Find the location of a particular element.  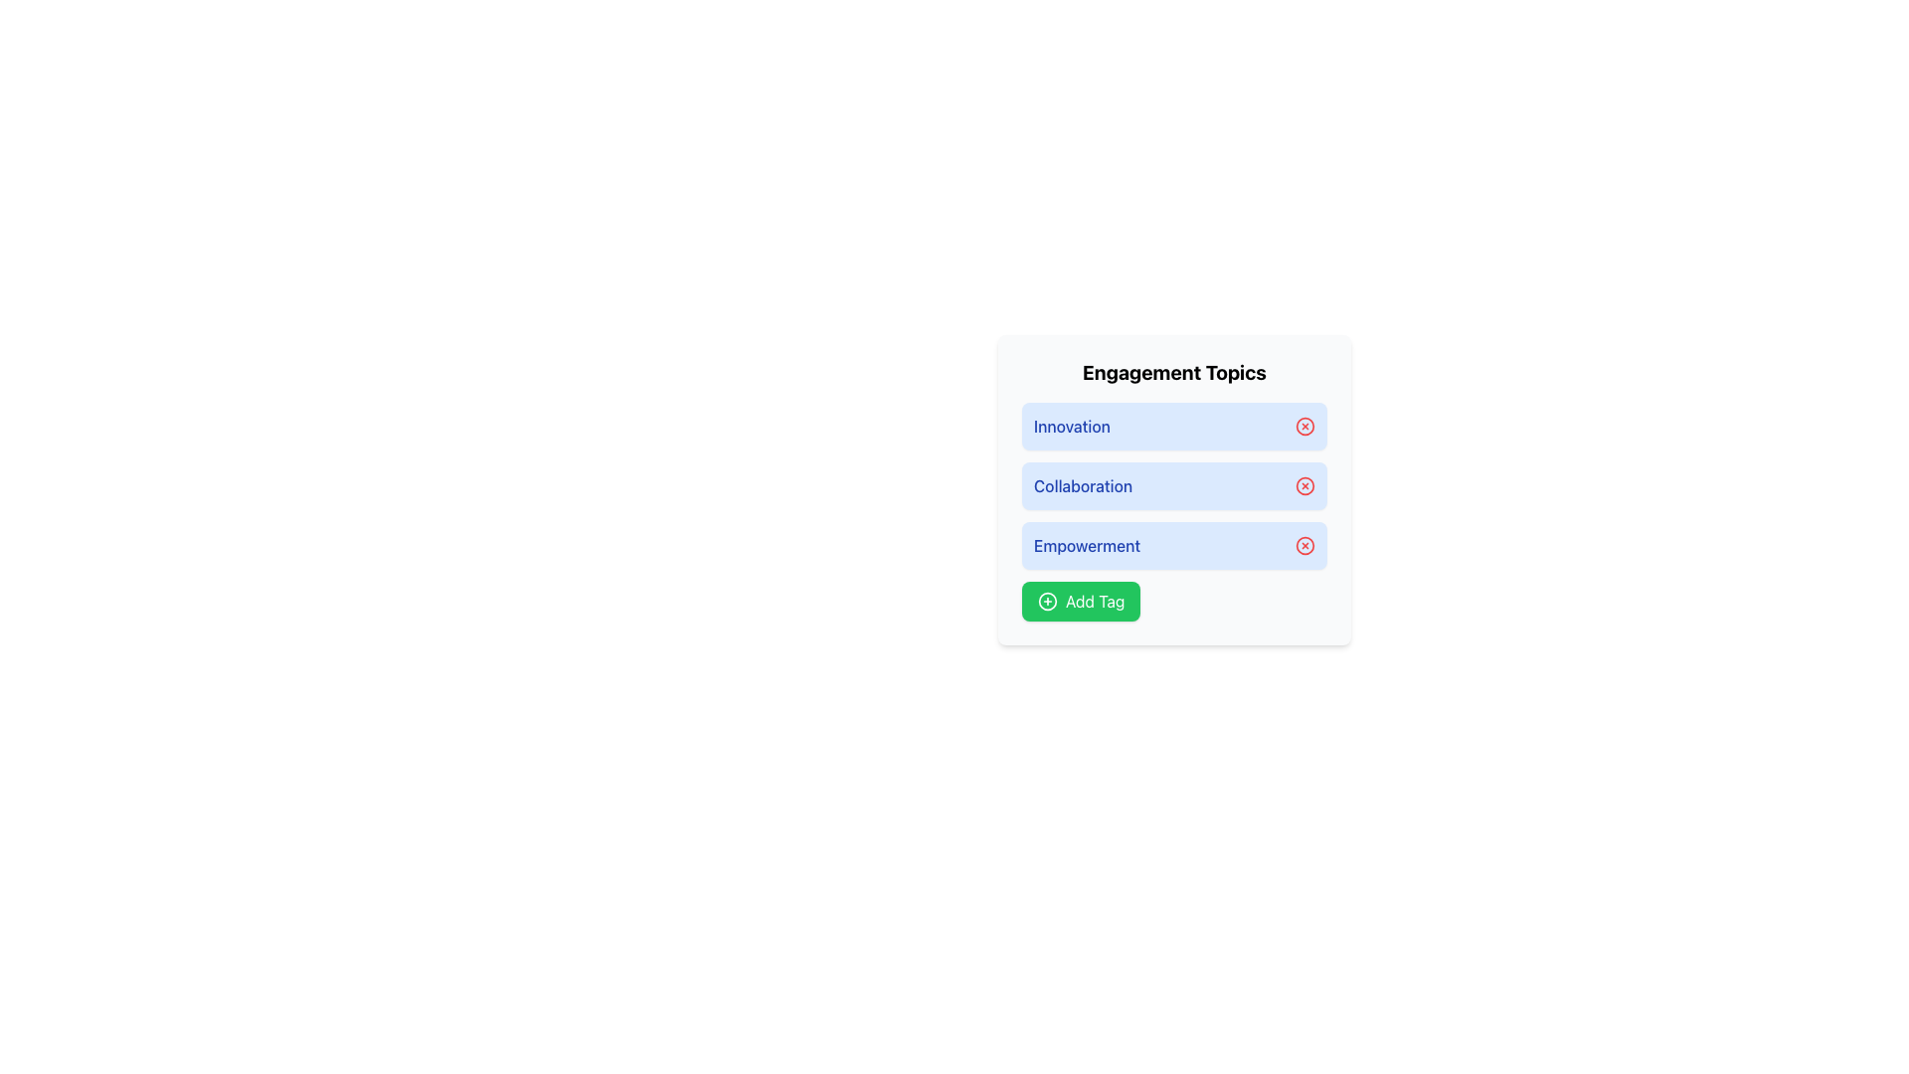

the circular graphical shape that serves as a highlight within the close button icon, located in the second row of the 'Engagement Topics' list next to the 'Collaboration' text is located at coordinates (1305, 486).